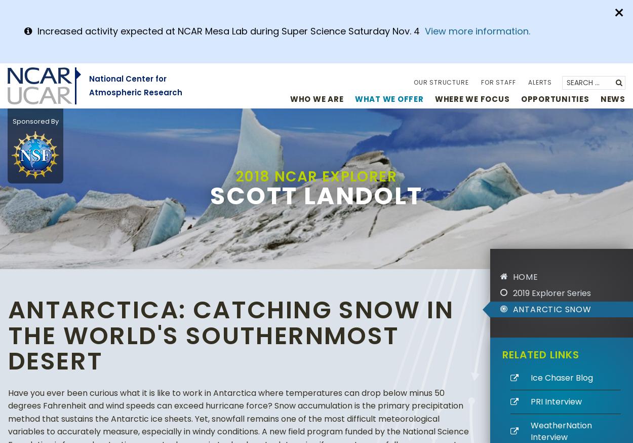  What do you see at coordinates (554, 98) in the screenshot?
I see `'Opportunities'` at bounding box center [554, 98].